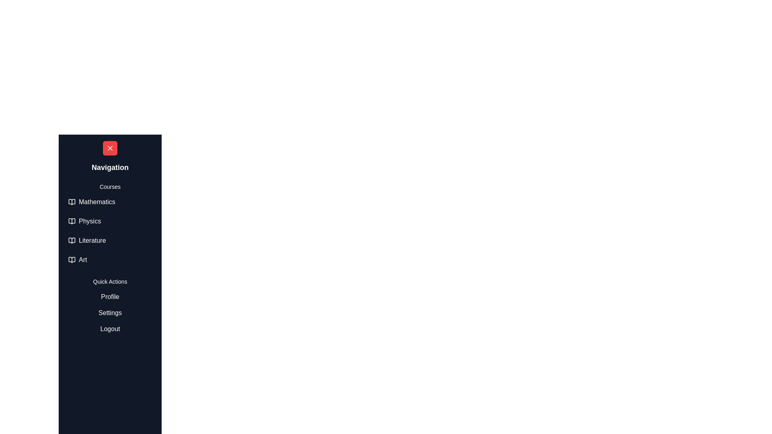 This screenshot has width=772, height=434. Describe the element at coordinates (72, 240) in the screenshot. I see `the 'Literature' icon` at that location.